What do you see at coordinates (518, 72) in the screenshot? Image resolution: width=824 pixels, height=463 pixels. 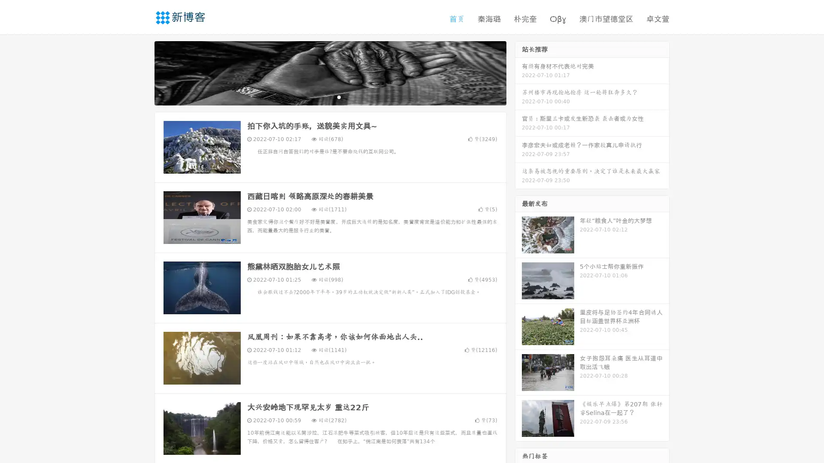 I see `Next slide` at bounding box center [518, 72].